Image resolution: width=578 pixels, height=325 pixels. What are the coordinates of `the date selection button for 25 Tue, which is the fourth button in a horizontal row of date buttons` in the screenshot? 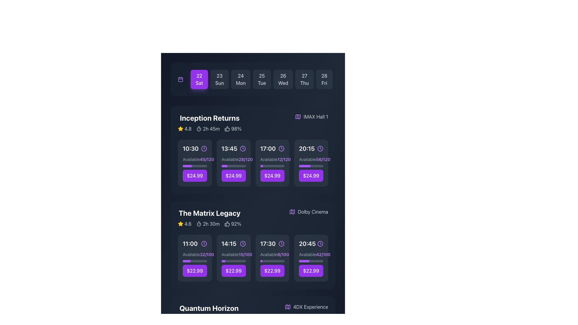 It's located at (262, 79).